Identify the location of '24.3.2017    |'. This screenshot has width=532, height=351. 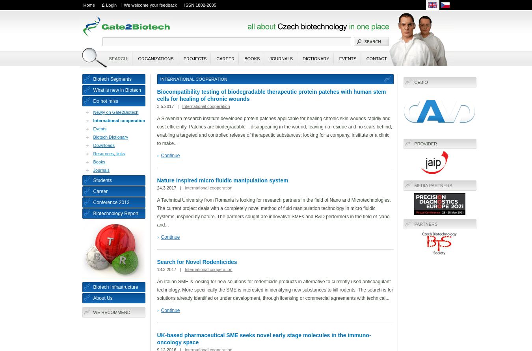
(156, 188).